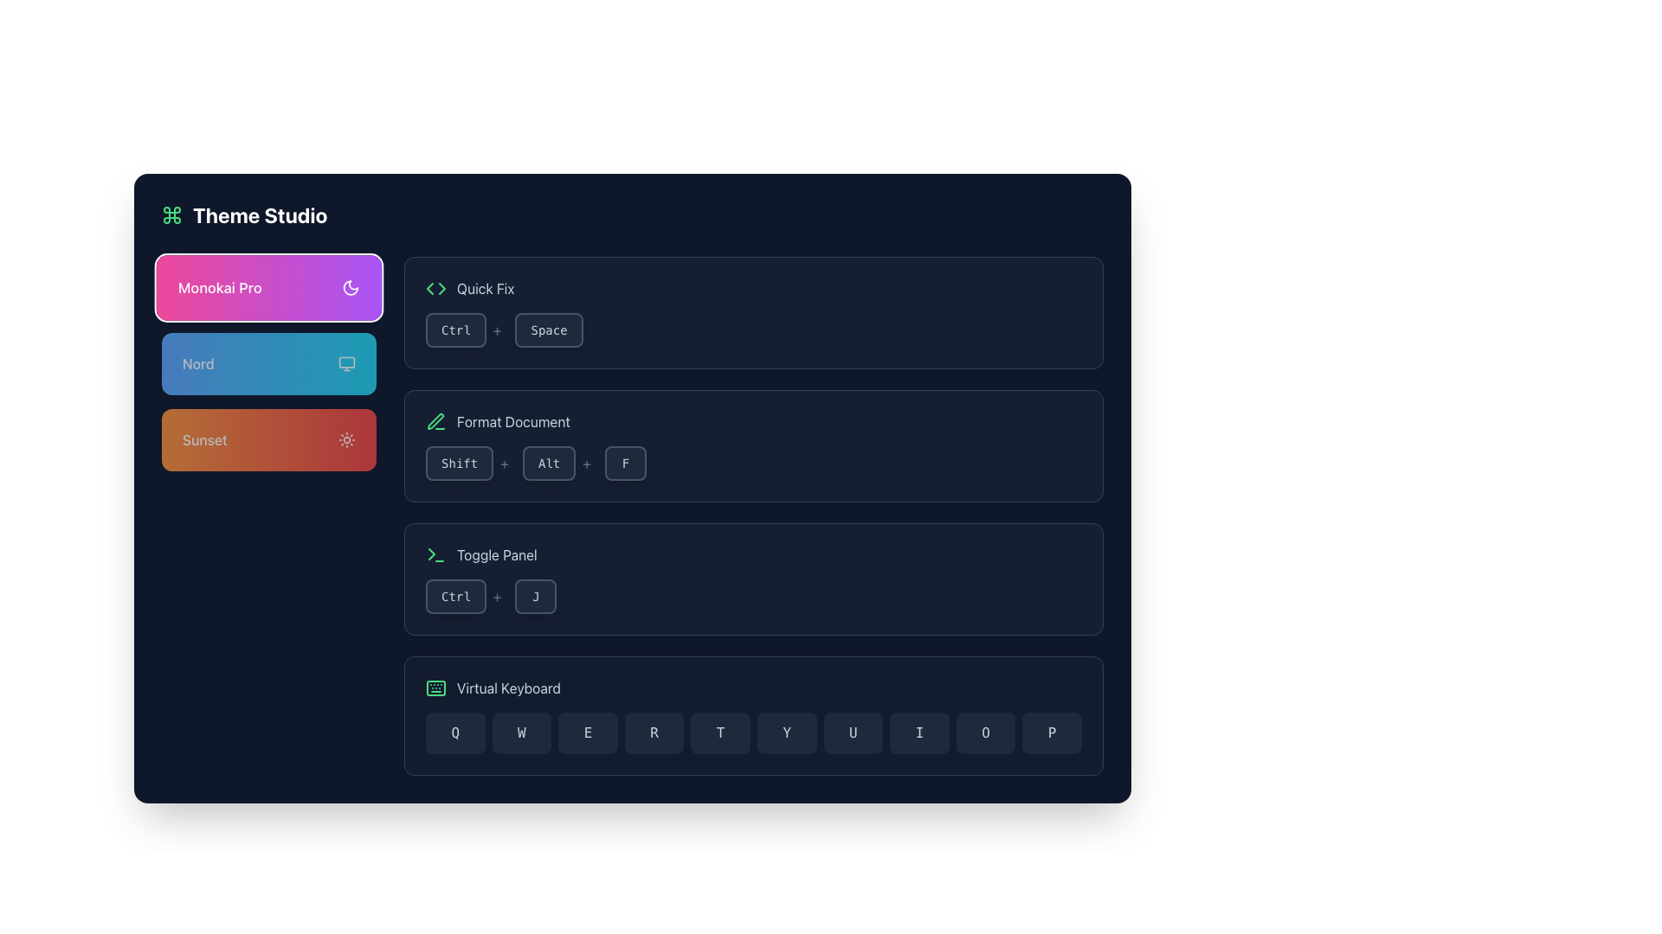 Image resolution: width=1662 pixels, height=934 pixels. Describe the element at coordinates (460, 463) in the screenshot. I see `the non-interactive visual representation of the 'Shift' key button in the 'Format Document' section, which is the first button in a group of two, serving as a hint or guide` at that location.